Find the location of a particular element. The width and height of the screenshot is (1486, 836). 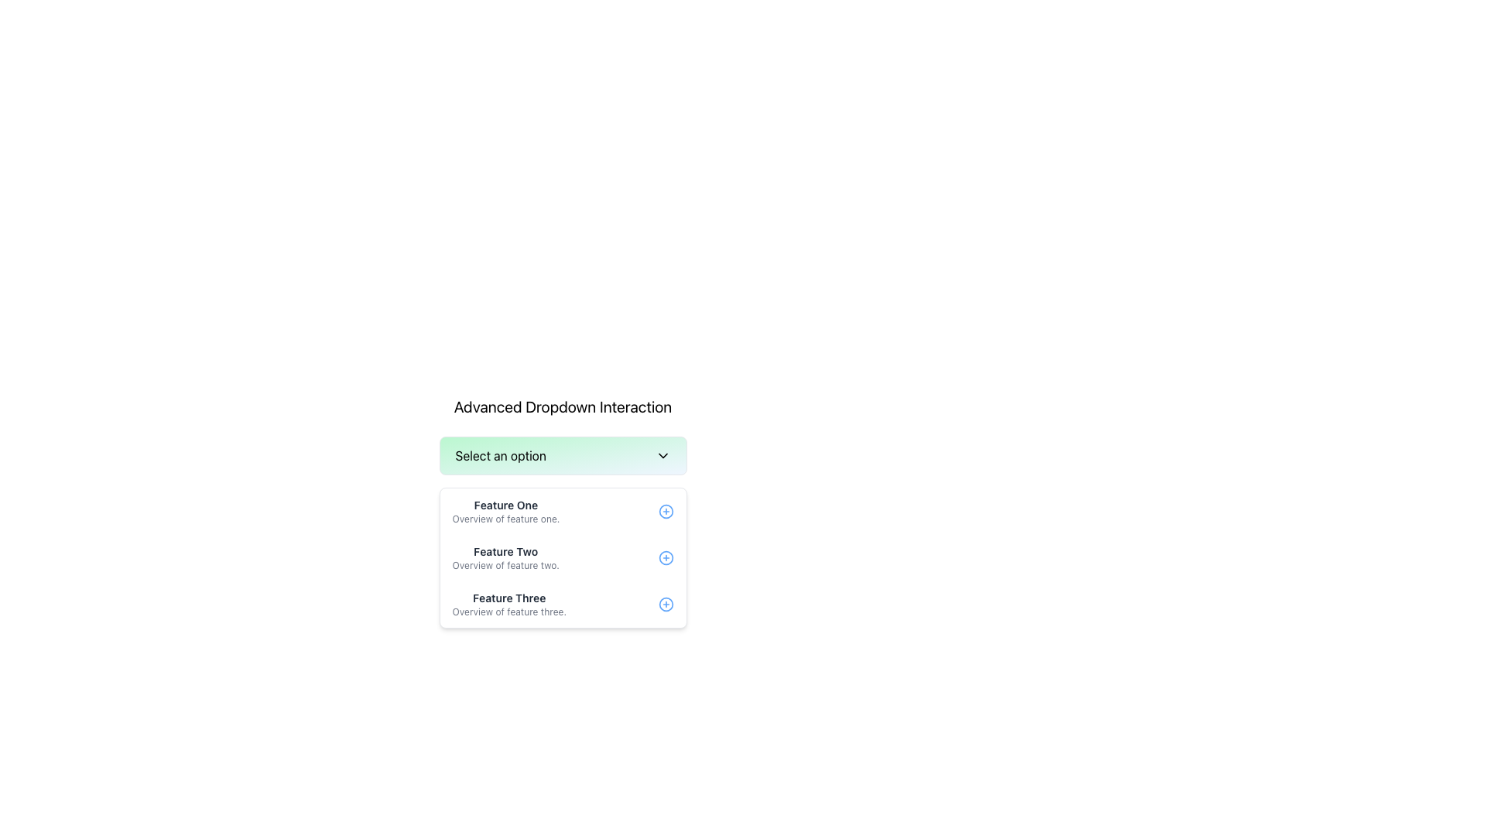

the text label reading 'Feature Three', which is a bold, dark gray heading located in the center of the dropdown's content area is located at coordinates (509, 597).